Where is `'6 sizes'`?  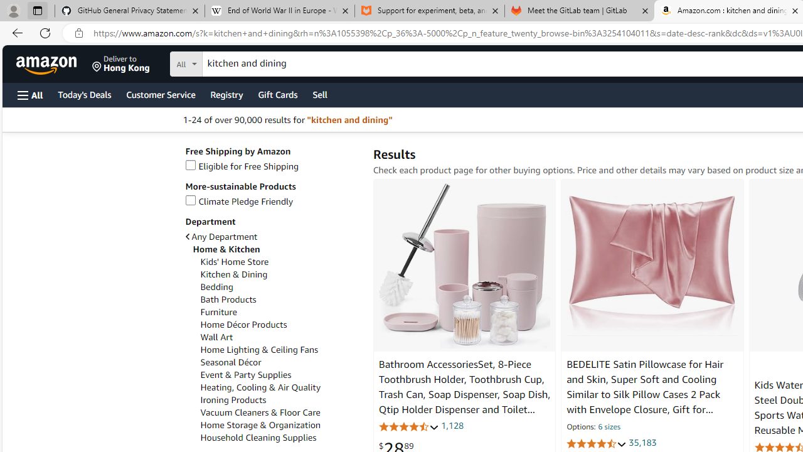
'6 sizes' is located at coordinates (609, 427).